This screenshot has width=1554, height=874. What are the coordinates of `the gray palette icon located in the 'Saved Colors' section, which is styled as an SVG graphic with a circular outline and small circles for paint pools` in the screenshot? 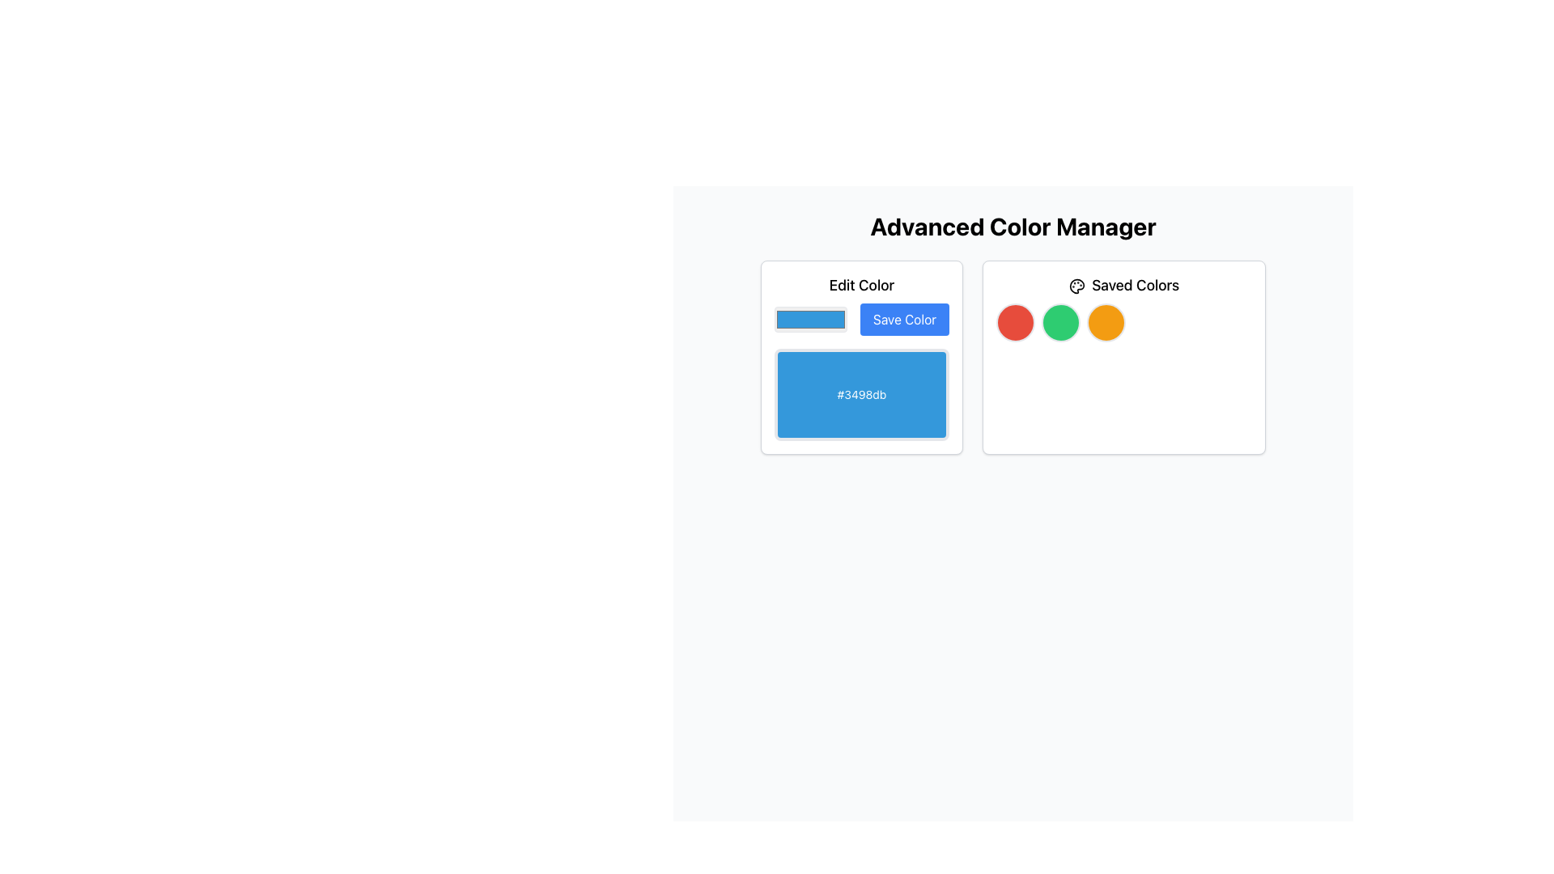 It's located at (1076, 286).